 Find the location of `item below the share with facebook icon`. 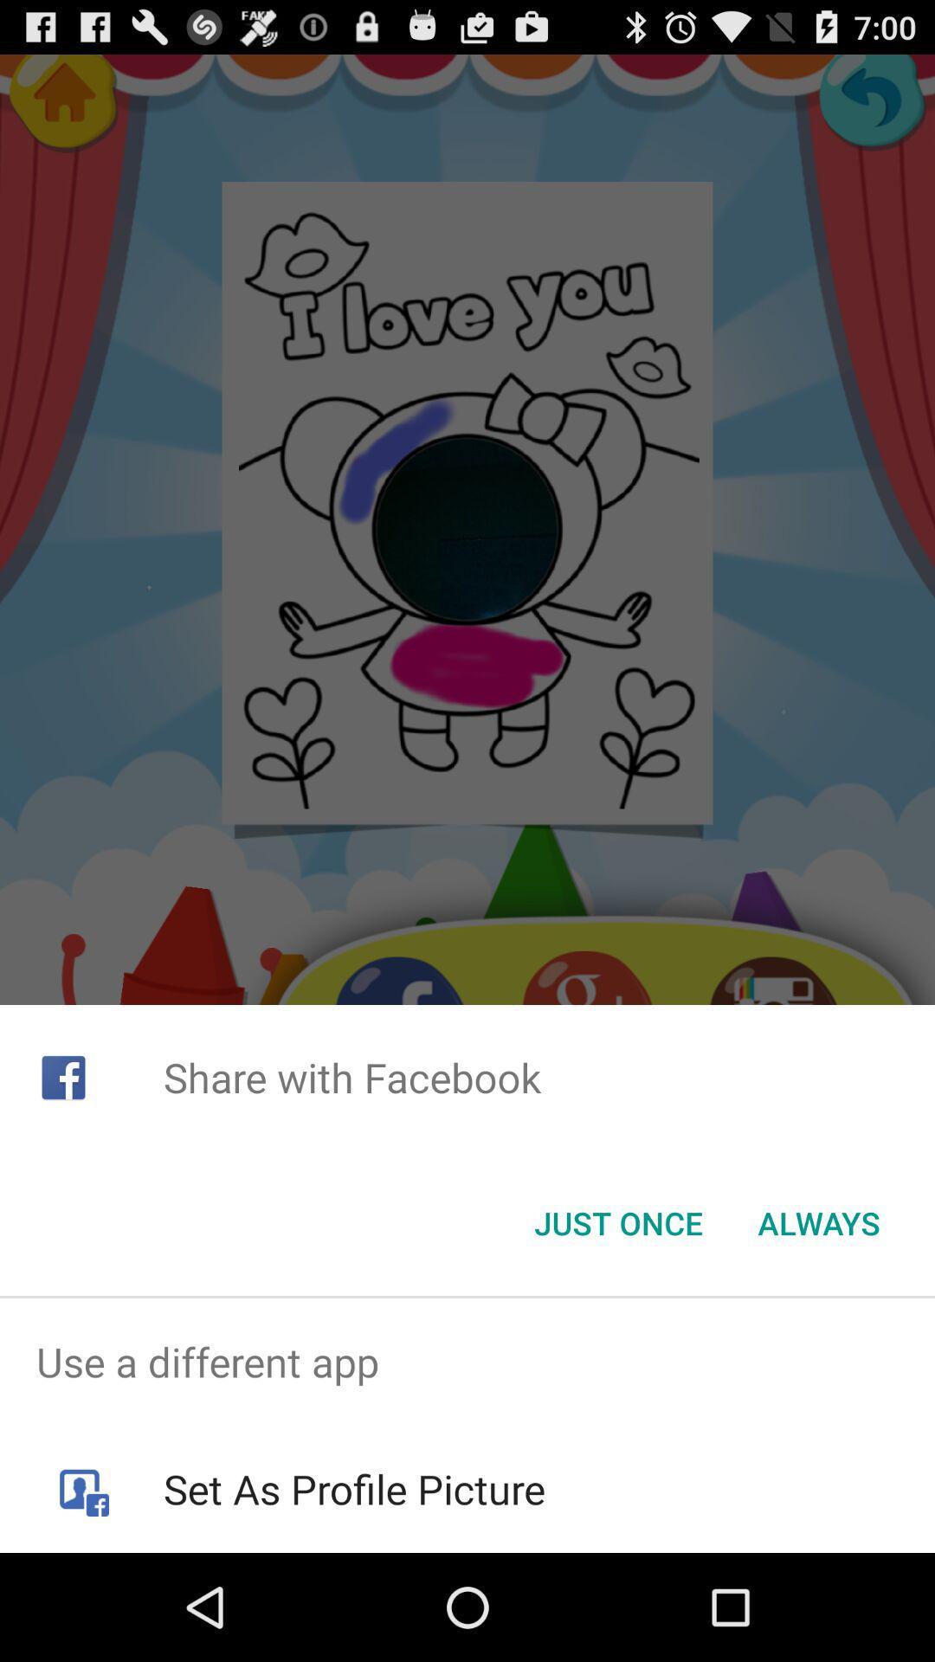

item below the share with facebook icon is located at coordinates (818, 1221).